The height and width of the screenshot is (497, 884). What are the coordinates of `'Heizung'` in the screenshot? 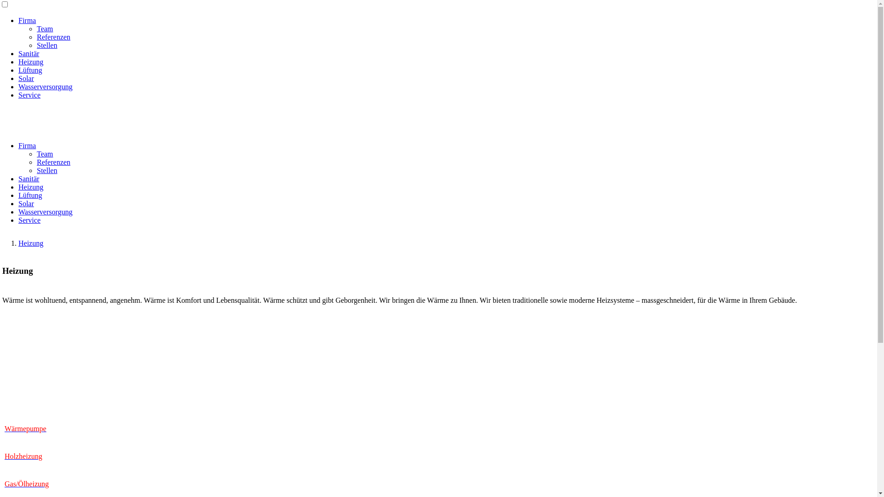 It's located at (31, 186).